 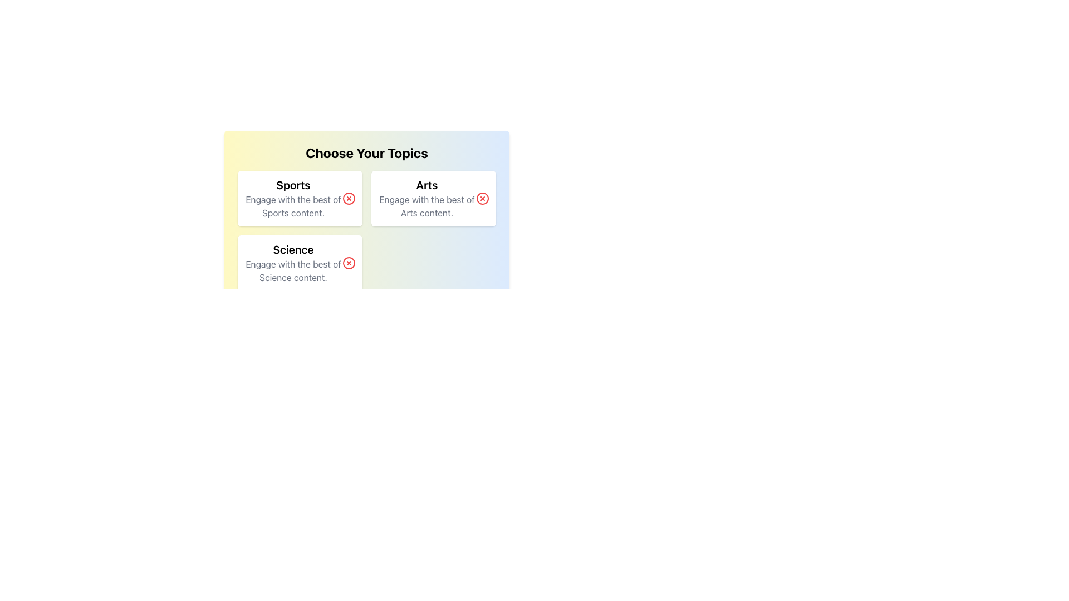 I want to click on the text label displaying 'Arts' which is styled with bold, black font and includes a smaller gray text below it, located in the center-right area of the interface, so click(x=426, y=198).